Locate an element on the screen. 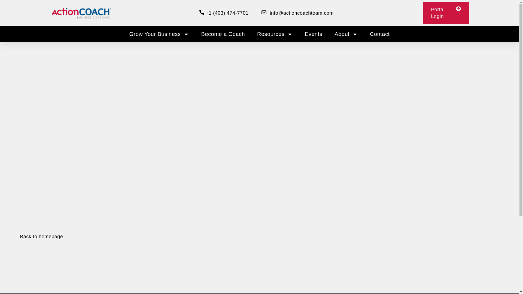 This screenshot has height=294, width=523. 'Become a Coach' is located at coordinates (198, 34).